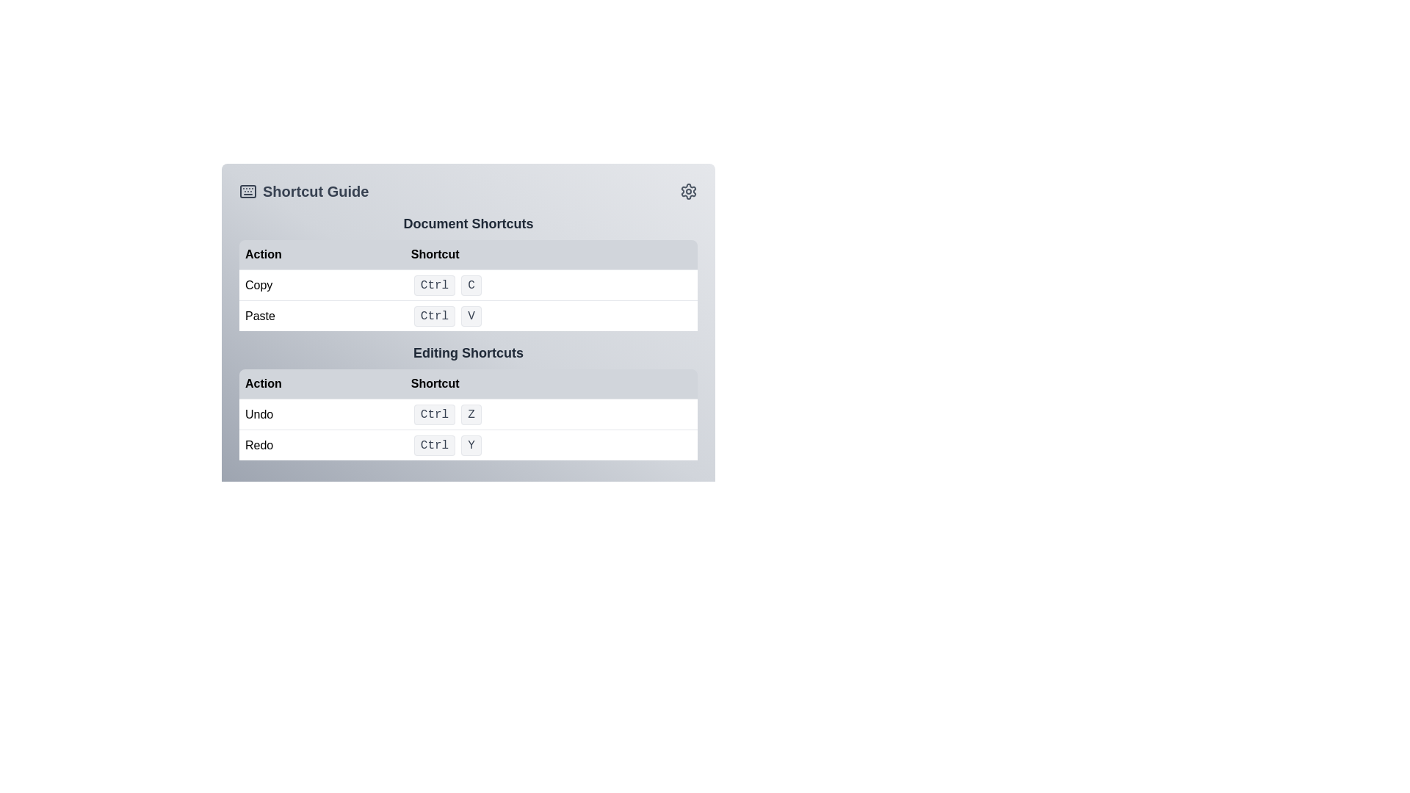 The height and width of the screenshot is (793, 1410). What do you see at coordinates (471, 414) in the screenshot?
I see `the small rectangular button with a light gray background and bold 'Z' centered in dark gray font, located in the 'Editing Shortcuts' section of the 'Shortcut Guide' panel` at bounding box center [471, 414].